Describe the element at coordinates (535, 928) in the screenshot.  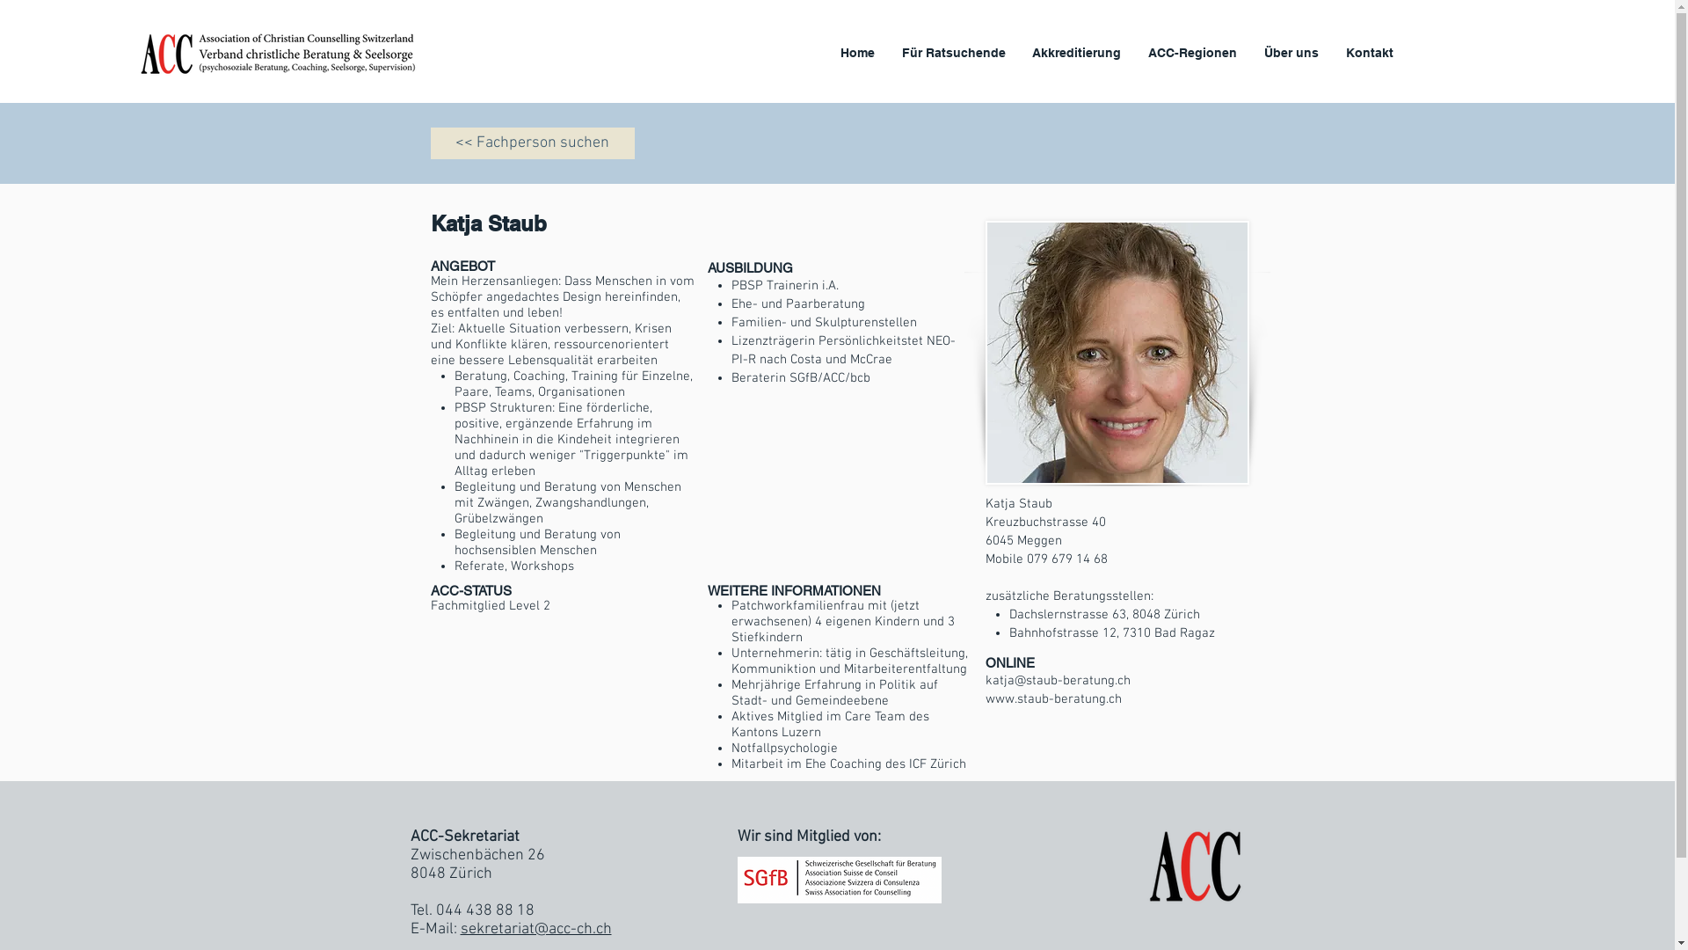
I see `'sekretariat@acc-ch.ch'` at that location.